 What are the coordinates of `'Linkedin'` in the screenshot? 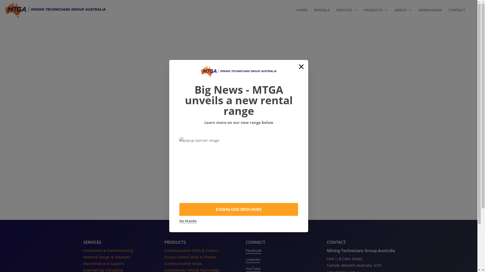 It's located at (253, 259).